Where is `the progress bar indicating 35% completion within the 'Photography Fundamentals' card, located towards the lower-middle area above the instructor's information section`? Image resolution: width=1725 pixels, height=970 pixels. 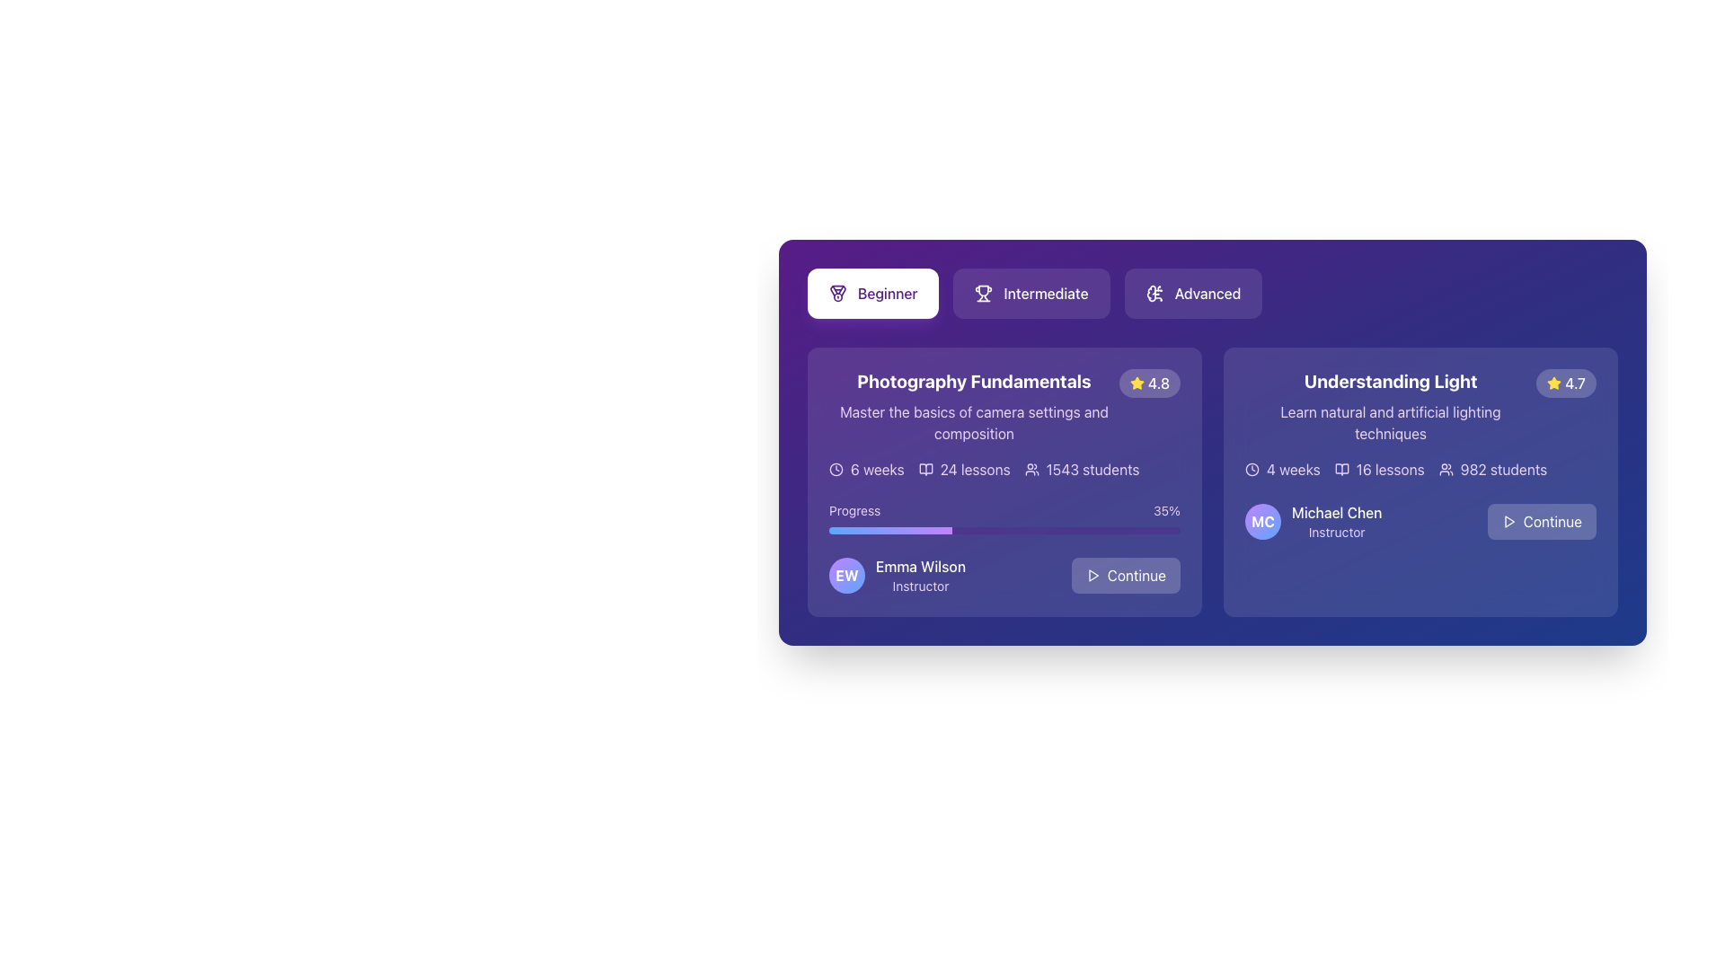
the progress bar indicating 35% completion within the 'Photography Fundamentals' card, located towards the lower-middle area above the instructor's information section is located at coordinates (1004, 518).